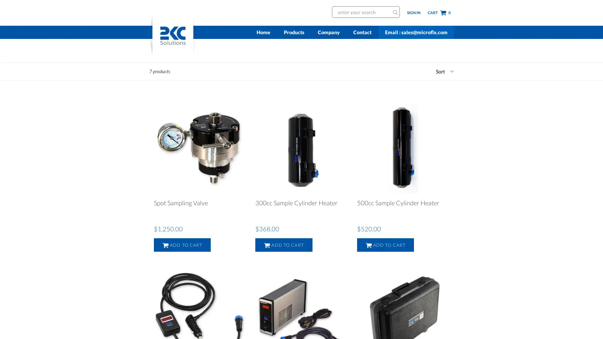 This screenshot has width=603, height=339. I want to click on ADD TO CART, so click(182, 245).